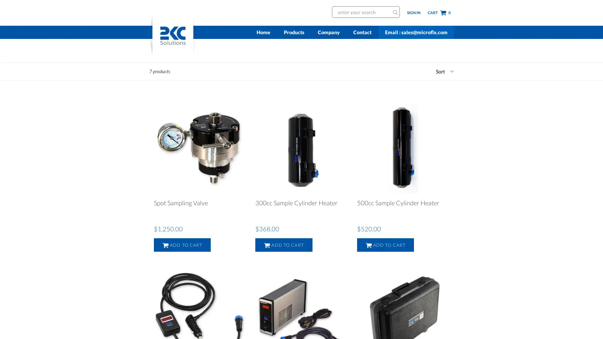 This screenshot has width=603, height=339. I want to click on ADD TO CART, so click(182, 245).